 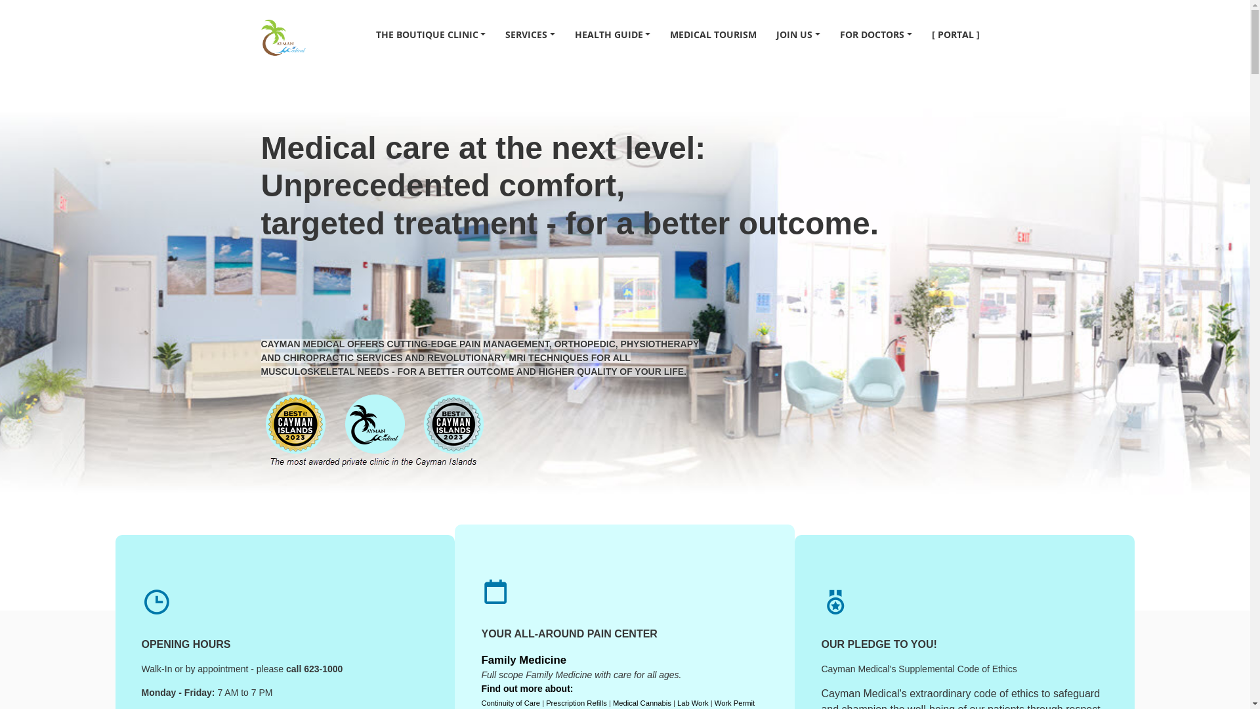 I want to click on 'MEDICAL TOURISM', so click(x=712, y=33).